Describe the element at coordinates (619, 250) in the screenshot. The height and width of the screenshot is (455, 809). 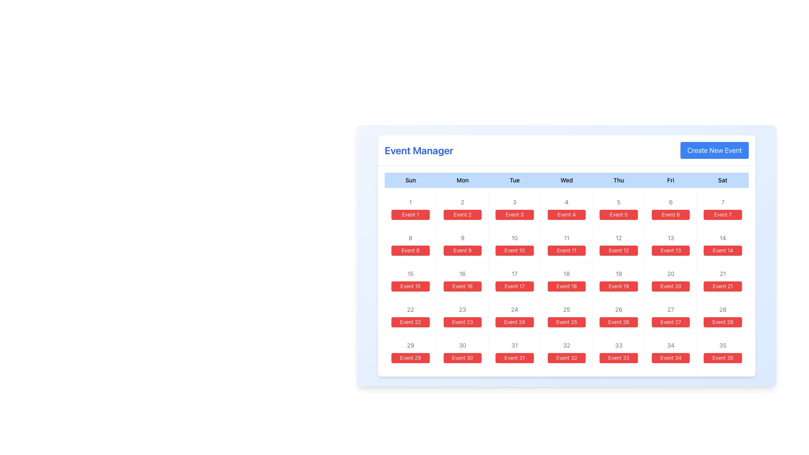
I see `the Button-like label representing an event scheduled for the date 12 in the calendar under the 'Thu' column` at that location.